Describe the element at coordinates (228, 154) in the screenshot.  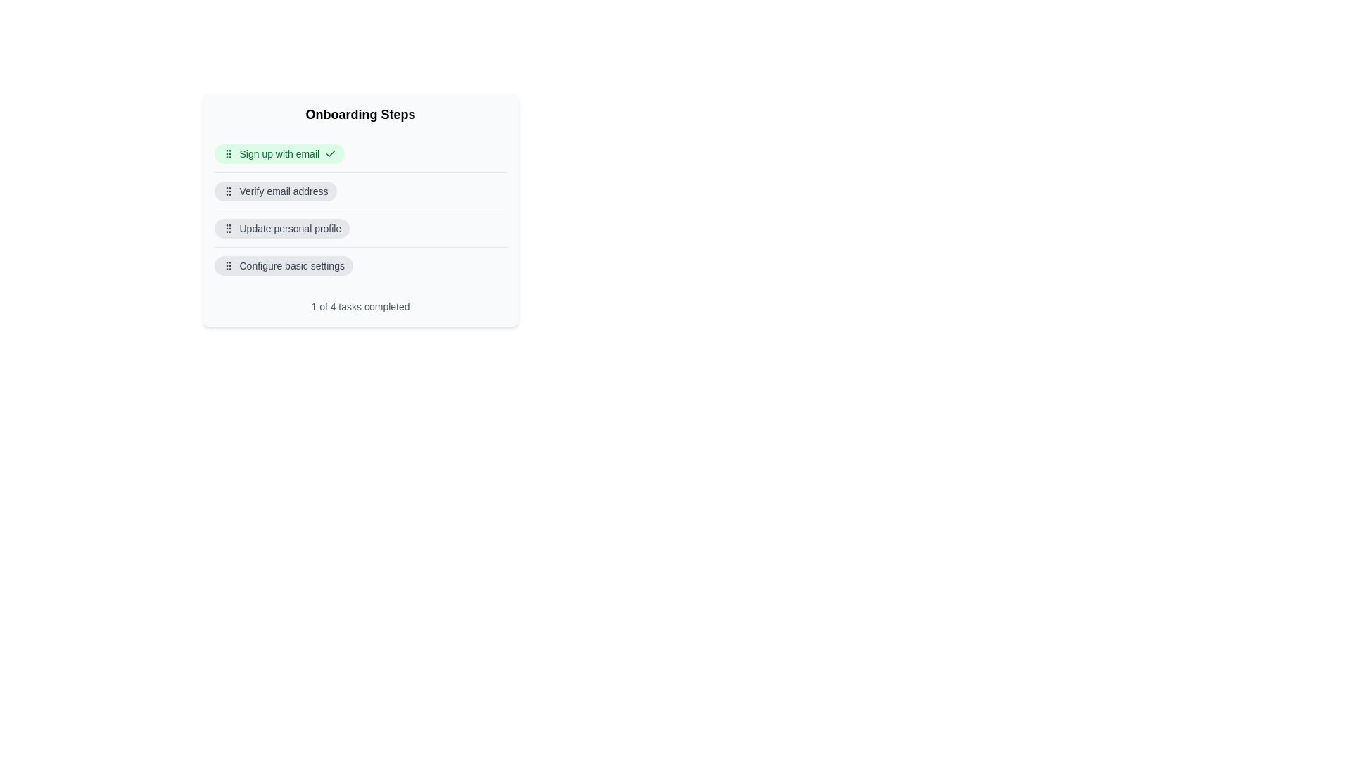
I see `the Draggable handle icon, which is a vertical grip icon consisting of two columns of three circular green dots, located to the left of the 'Sign up with email' button in the Onboarding Steps list` at that location.